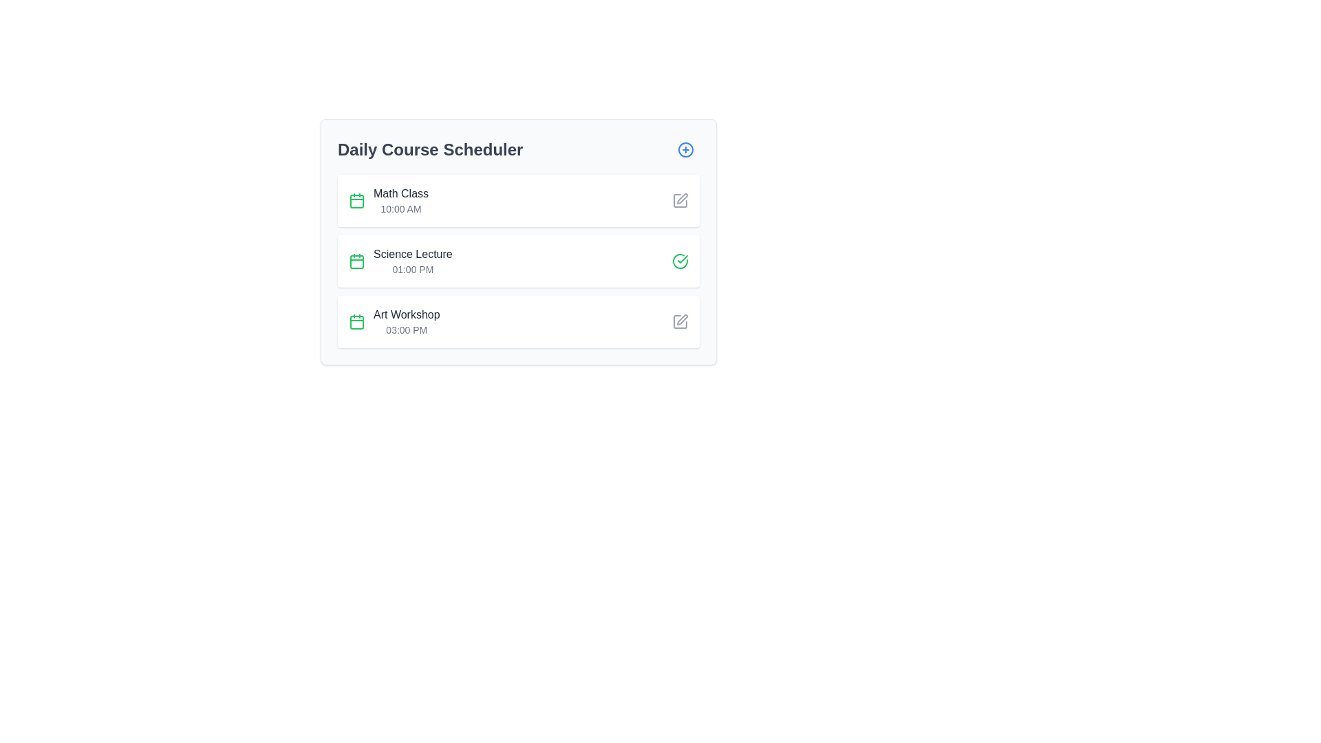 Image resolution: width=1321 pixels, height=743 pixels. I want to click on the pen icon located on the far-right side of the Art Workshop entry, so click(681, 199).